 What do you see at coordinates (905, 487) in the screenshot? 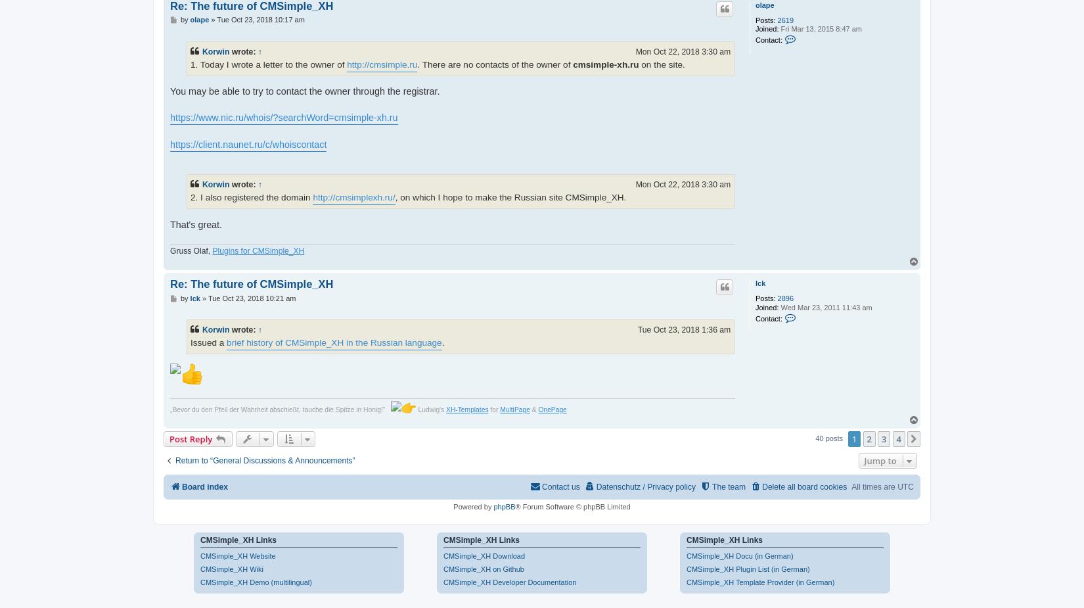
I see `'UTC'` at bounding box center [905, 487].